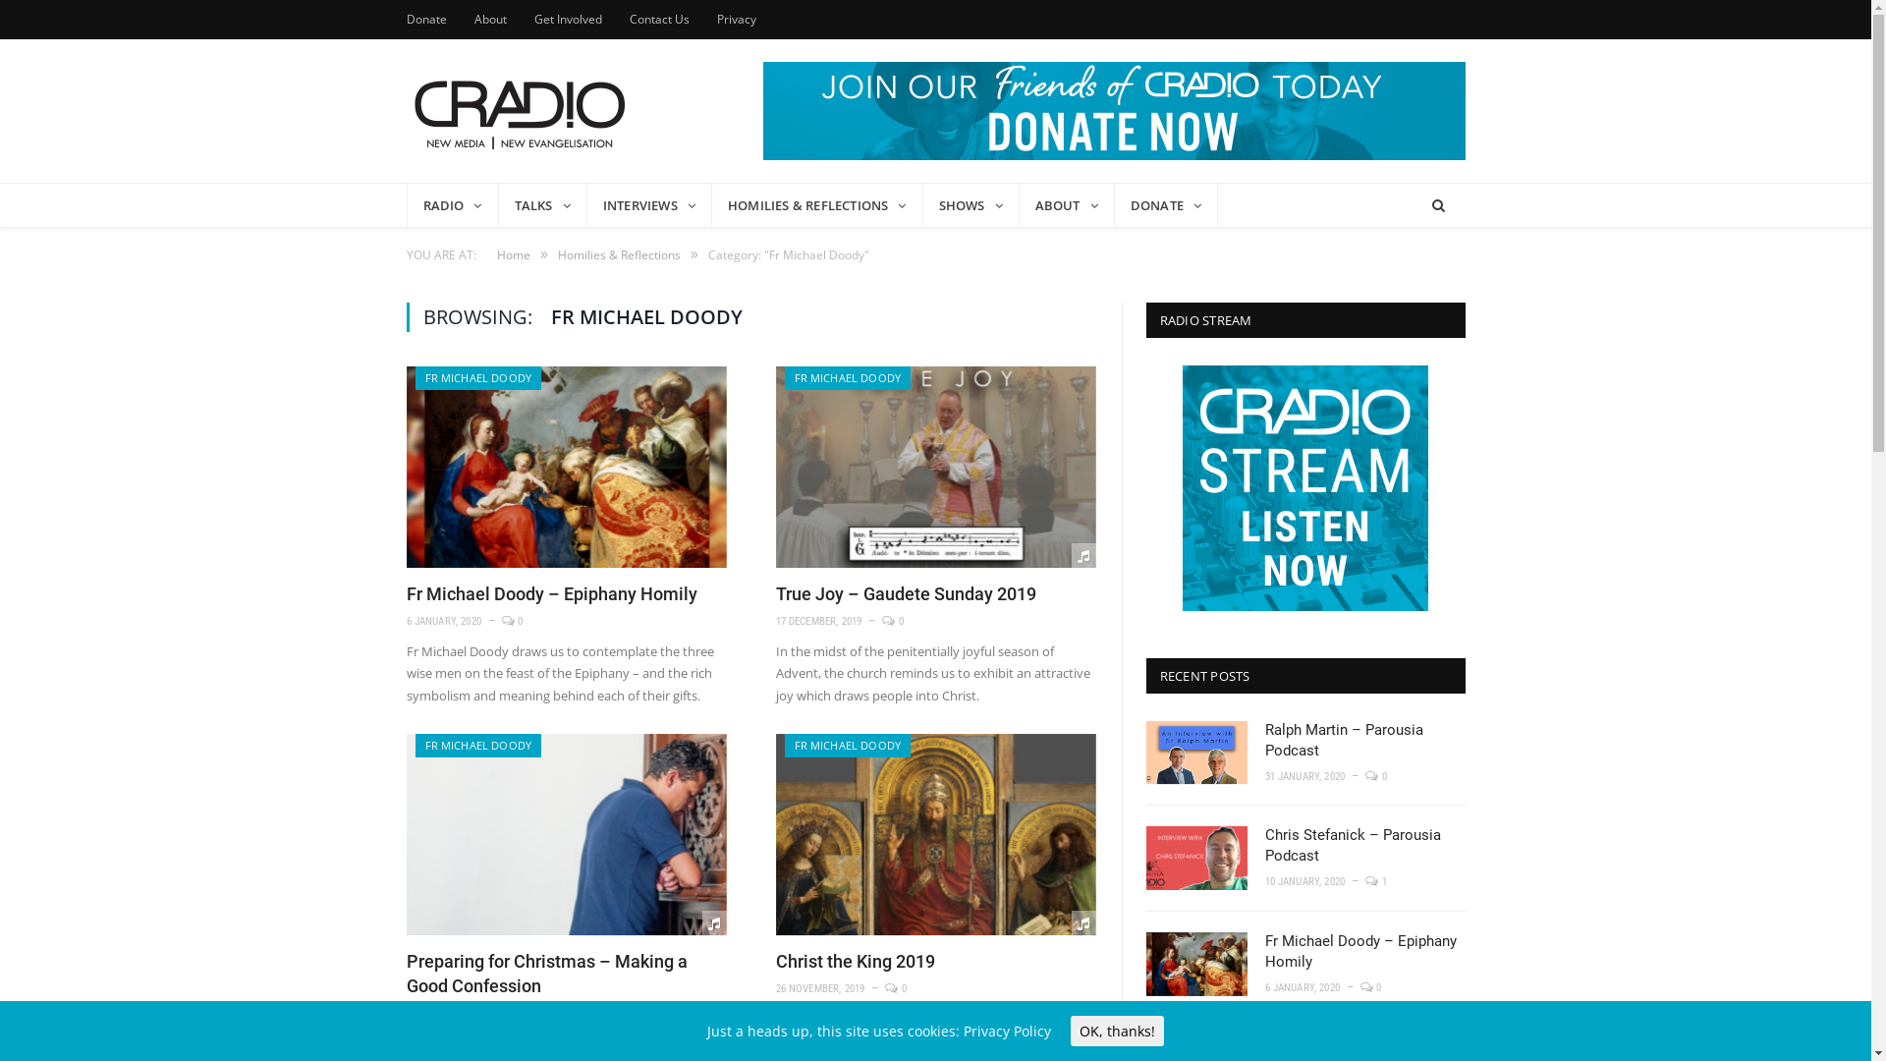 Image resolution: width=1886 pixels, height=1061 pixels. Describe the element at coordinates (1007, 1030) in the screenshot. I see `'Privacy Policy'` at that location.